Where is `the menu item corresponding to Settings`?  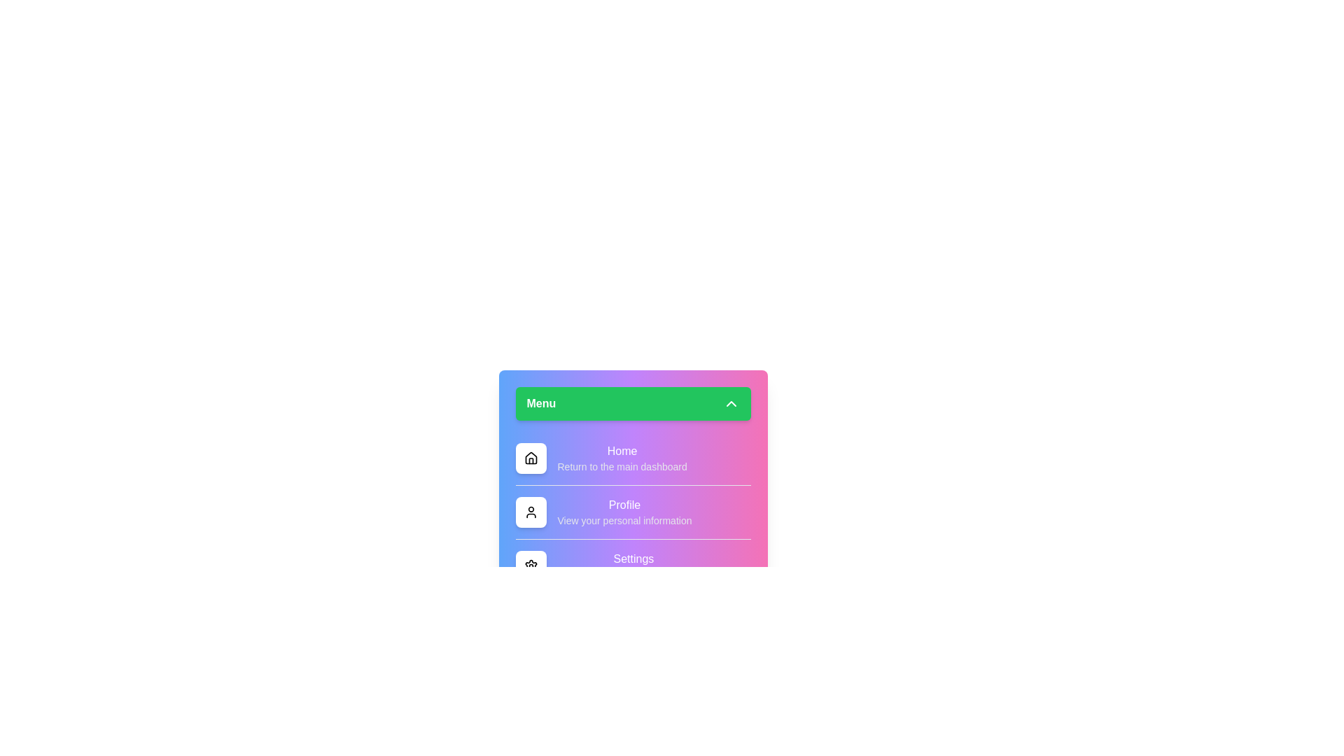 the menu item corresponding to Settings is located at coordinates (530, 566).